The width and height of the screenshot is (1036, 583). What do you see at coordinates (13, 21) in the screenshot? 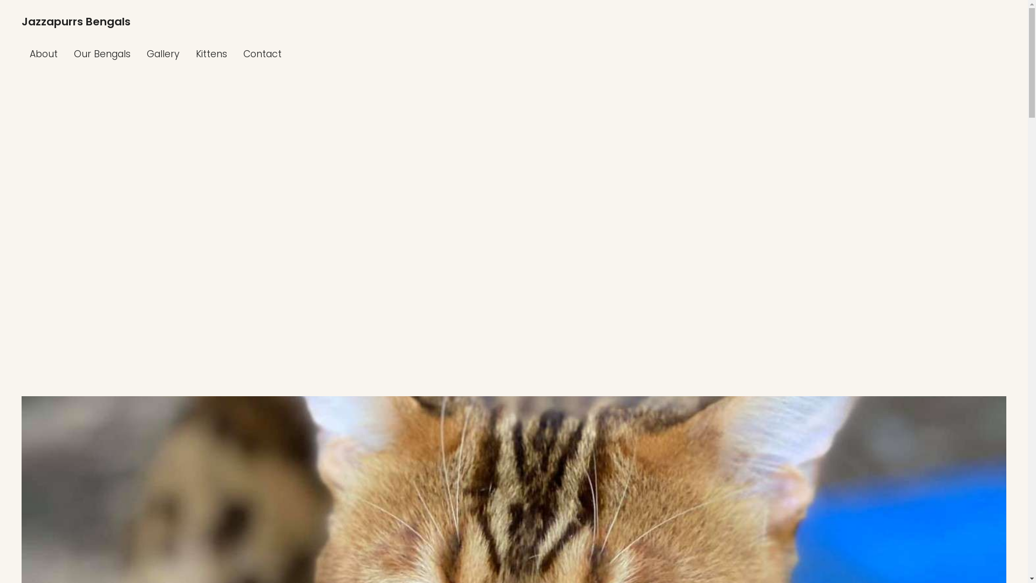
I see `'Jazzapurrs Bengals'` at bounding box center [13, 21].